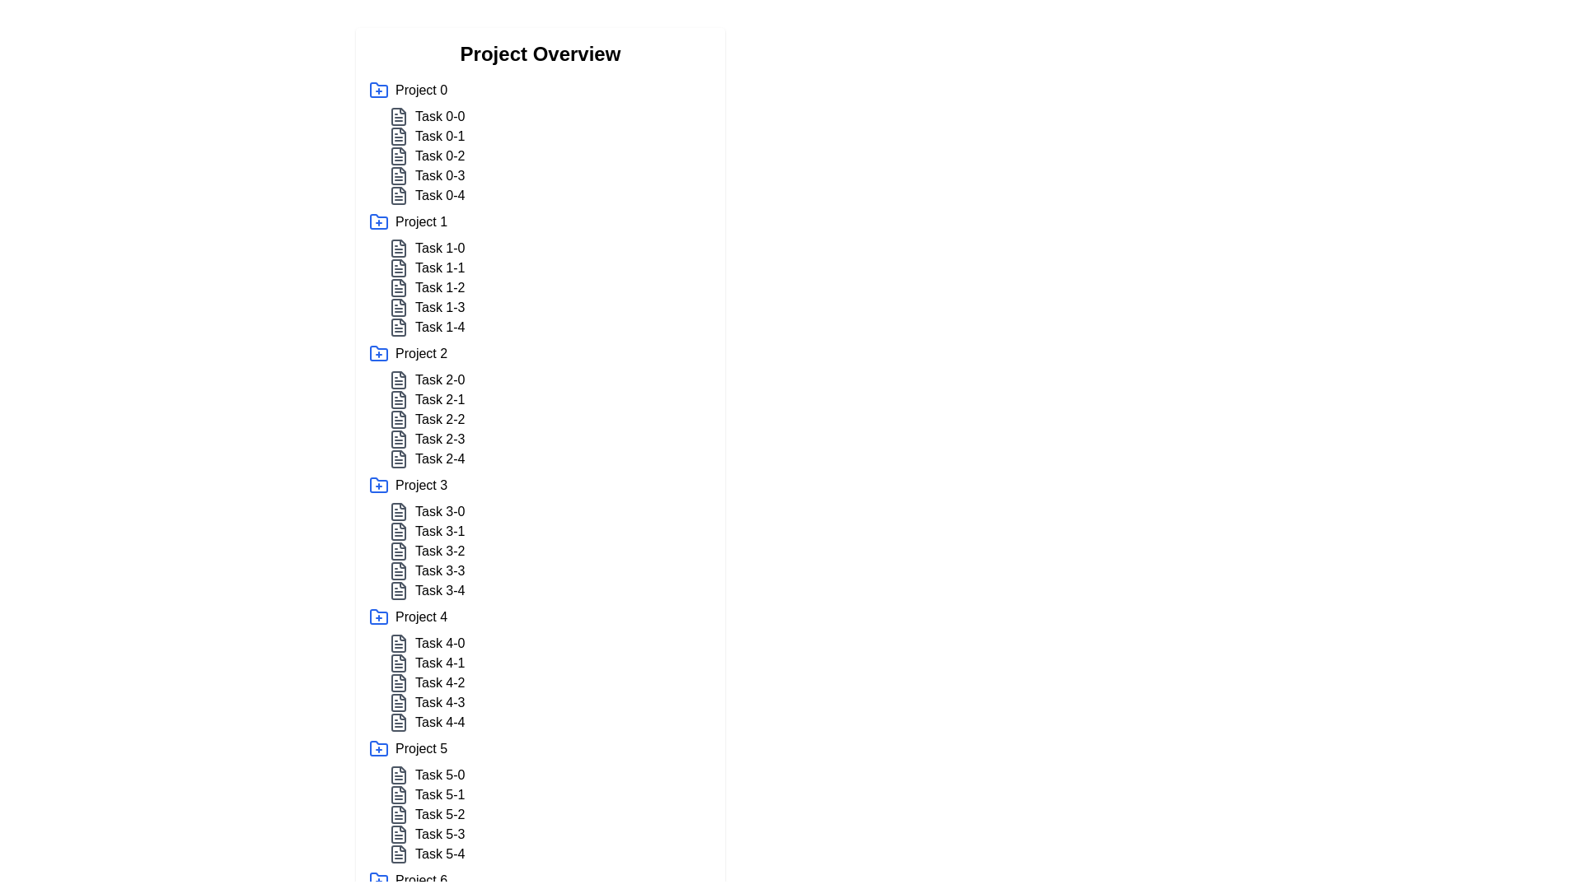  I want to click on the text label displaying 'Task 4-1', which is the second item under 'Project 4' in the structured layout, so click(440, 663).